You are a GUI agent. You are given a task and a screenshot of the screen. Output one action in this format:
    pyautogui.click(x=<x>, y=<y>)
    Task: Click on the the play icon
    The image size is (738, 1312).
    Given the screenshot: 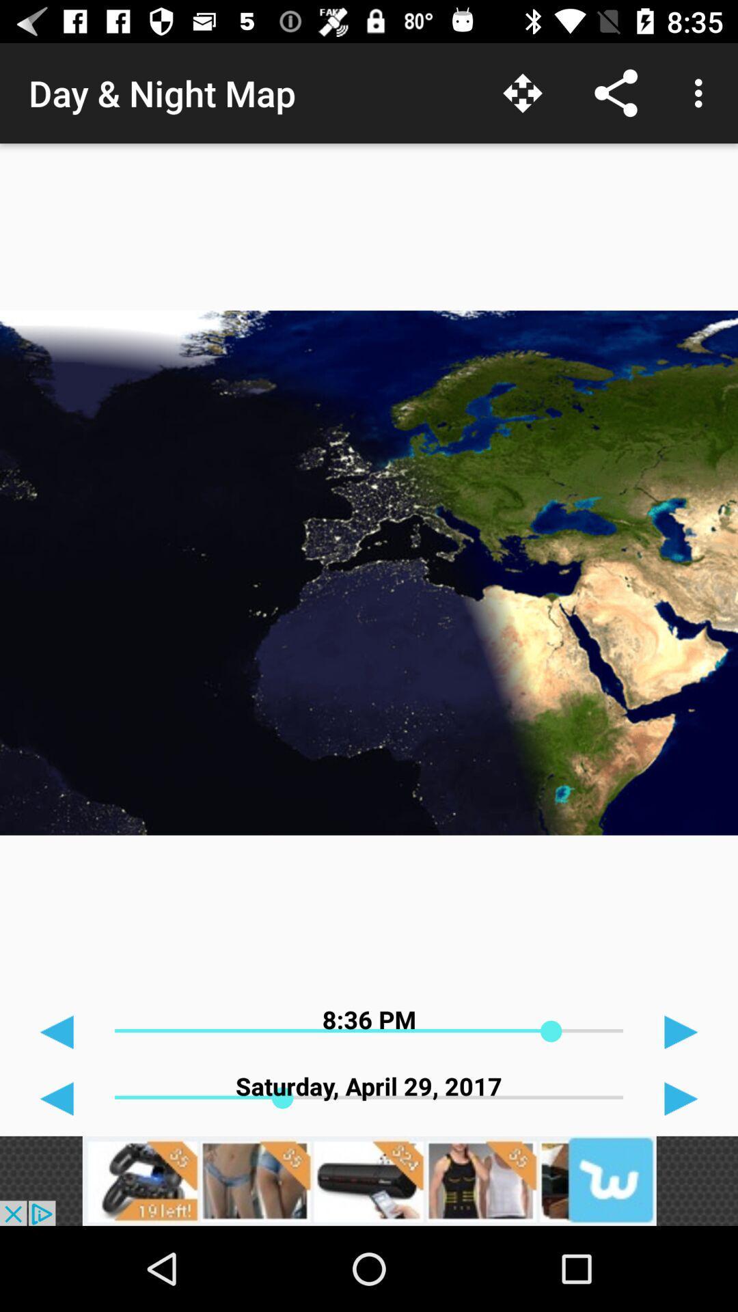 What is the action you would take?
    pyautogui.click(x=680, y=1031)
    